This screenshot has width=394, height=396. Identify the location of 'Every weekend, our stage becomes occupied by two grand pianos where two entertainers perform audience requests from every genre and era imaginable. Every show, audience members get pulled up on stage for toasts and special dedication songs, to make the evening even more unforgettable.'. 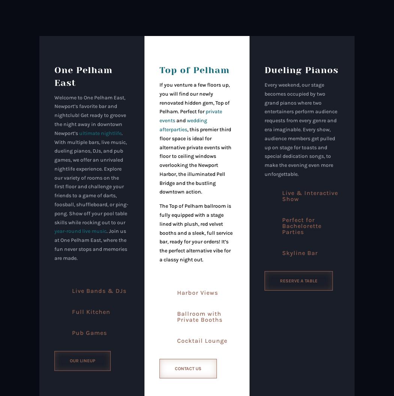
(300, 129).